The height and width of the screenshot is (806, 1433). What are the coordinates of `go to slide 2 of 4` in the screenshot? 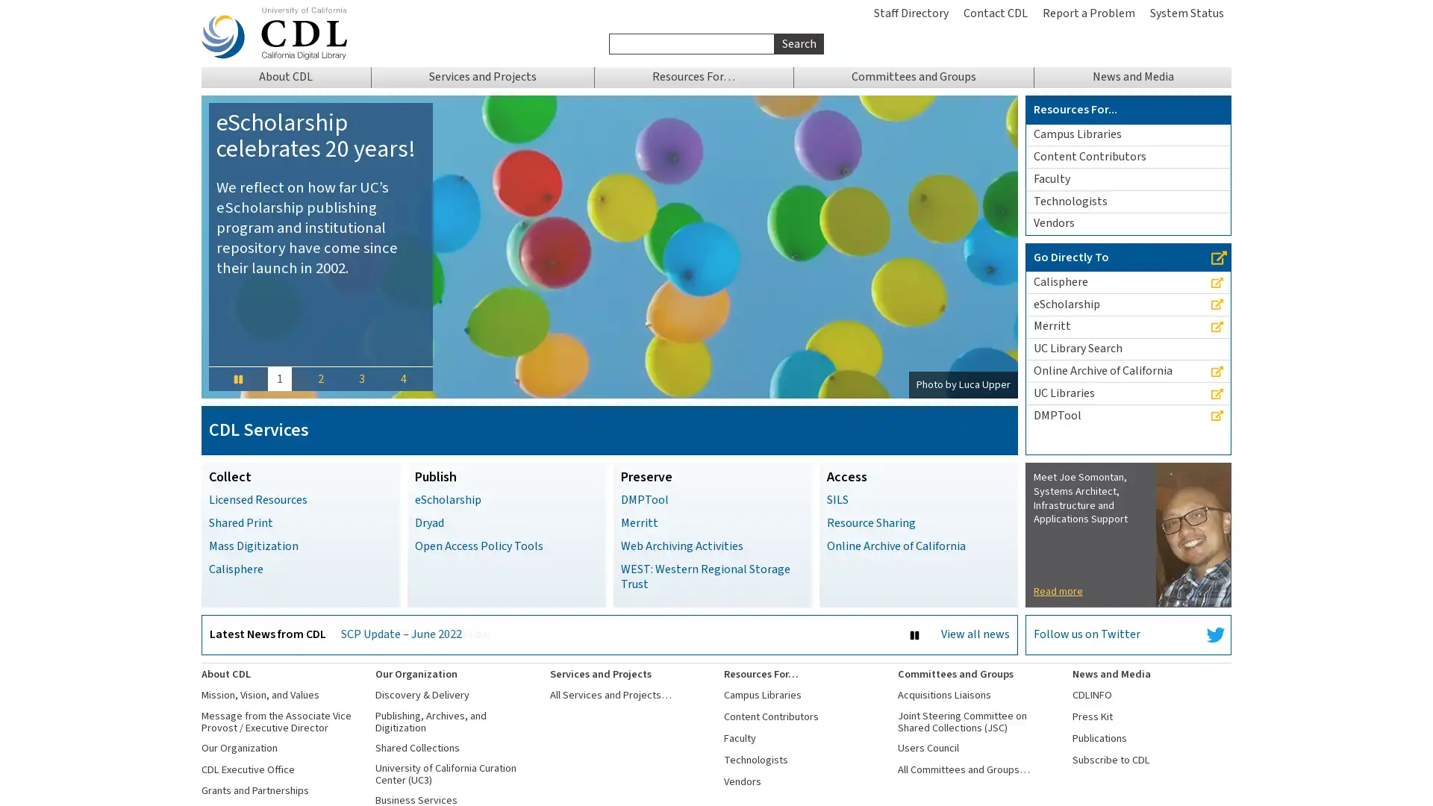 It's located at (319, 377).